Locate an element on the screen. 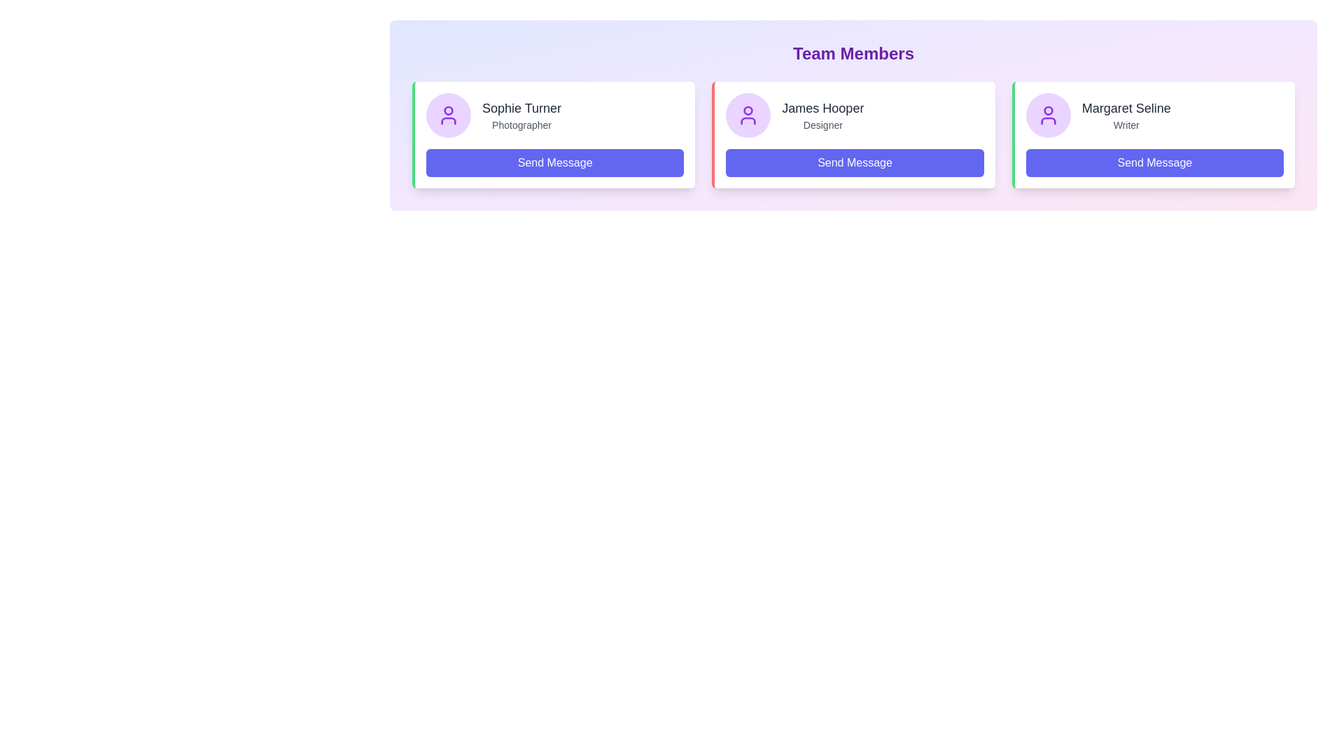  the button located at the bottom of Margaret Seline's profile card to send a message is located at coordinates (1154, 162).